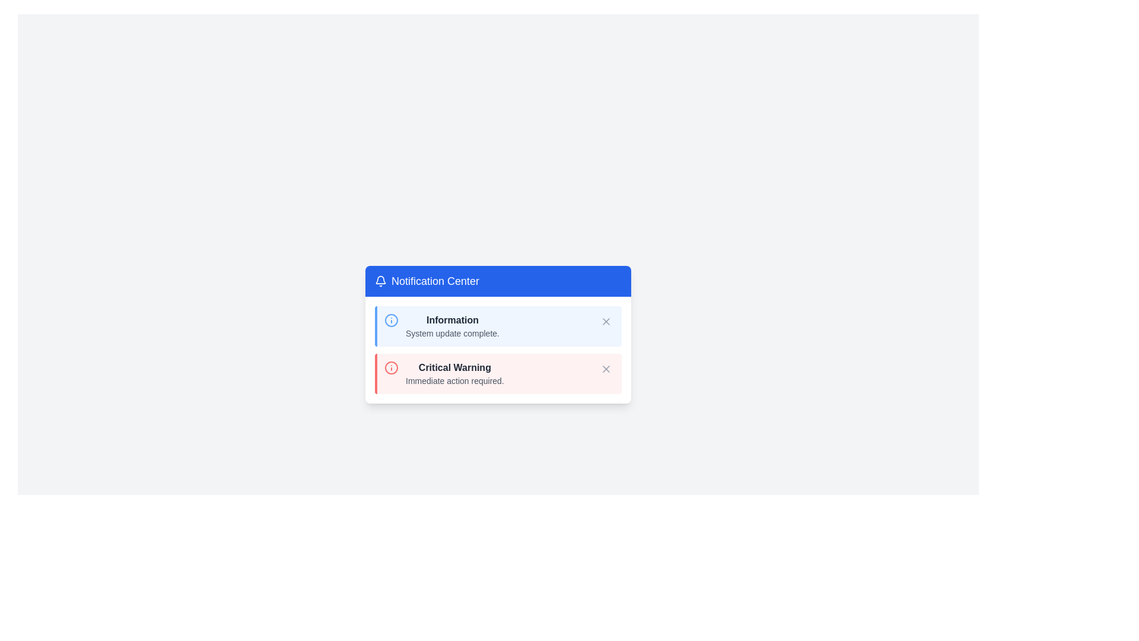 The image size is (1139, 641). What do you see at coordinates (381, 281) in the screenshot?
I see `the notification bell icon located at the top-left corner of the 'Notification Center' header bar` at bounding box center [381, 281].